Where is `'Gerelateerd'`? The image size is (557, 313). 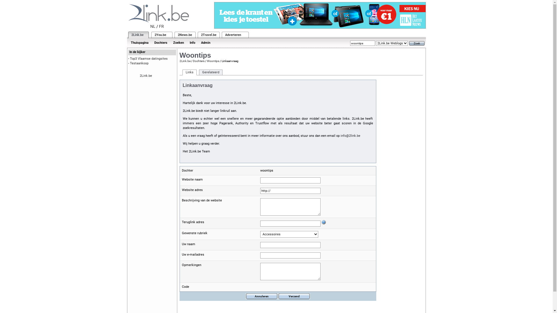 'Gerelateerd' is located at coordinates (210, 72).